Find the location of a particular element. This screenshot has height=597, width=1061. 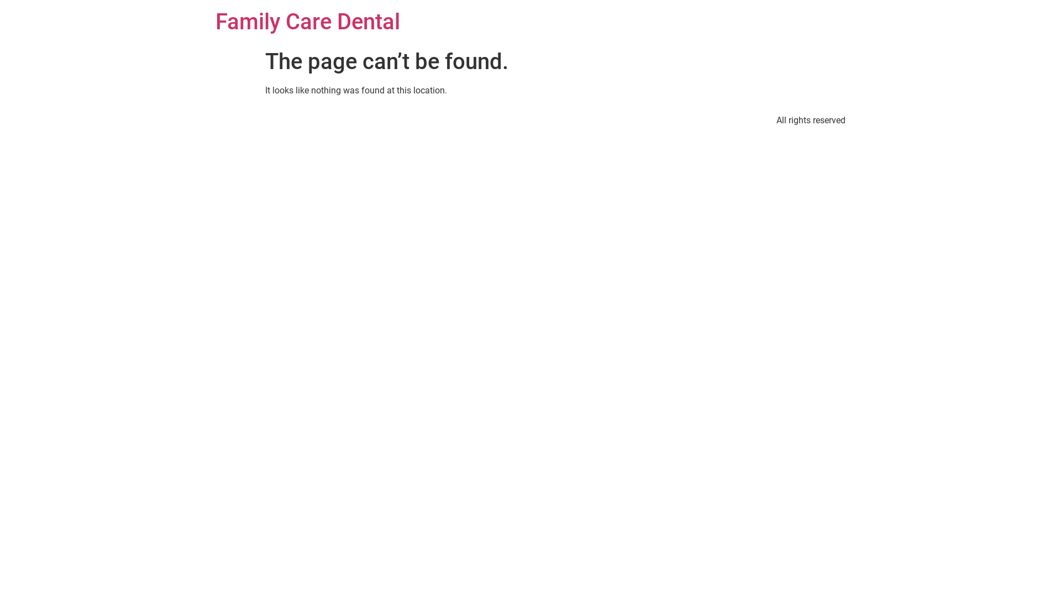

'Family Care Dental' is located at coordinates (307, 22).